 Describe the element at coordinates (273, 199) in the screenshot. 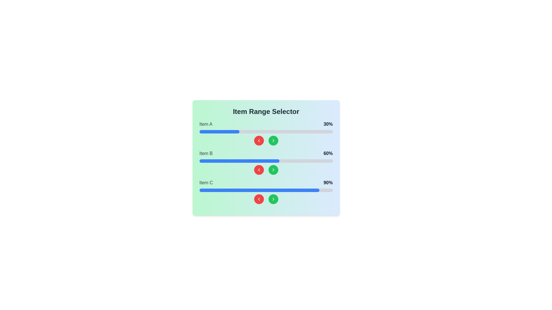

I see `the right-facing chevron icon that is nested within a circular green button located in the bottom section of the panel labeled 'Item C'` at that location.